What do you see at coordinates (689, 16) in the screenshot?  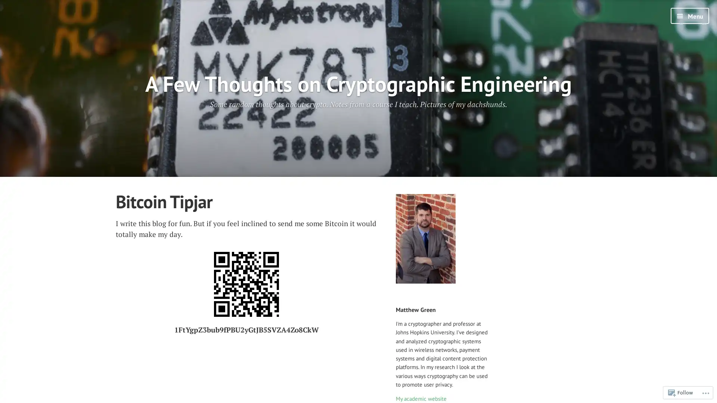 I see `Menu` at bounding box center [689, 16].